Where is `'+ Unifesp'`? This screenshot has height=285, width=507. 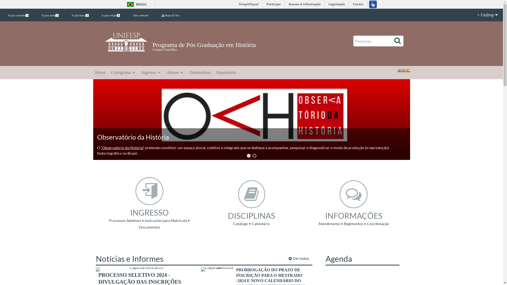
'+ Unifesp' is located at coordinates (483, 15).